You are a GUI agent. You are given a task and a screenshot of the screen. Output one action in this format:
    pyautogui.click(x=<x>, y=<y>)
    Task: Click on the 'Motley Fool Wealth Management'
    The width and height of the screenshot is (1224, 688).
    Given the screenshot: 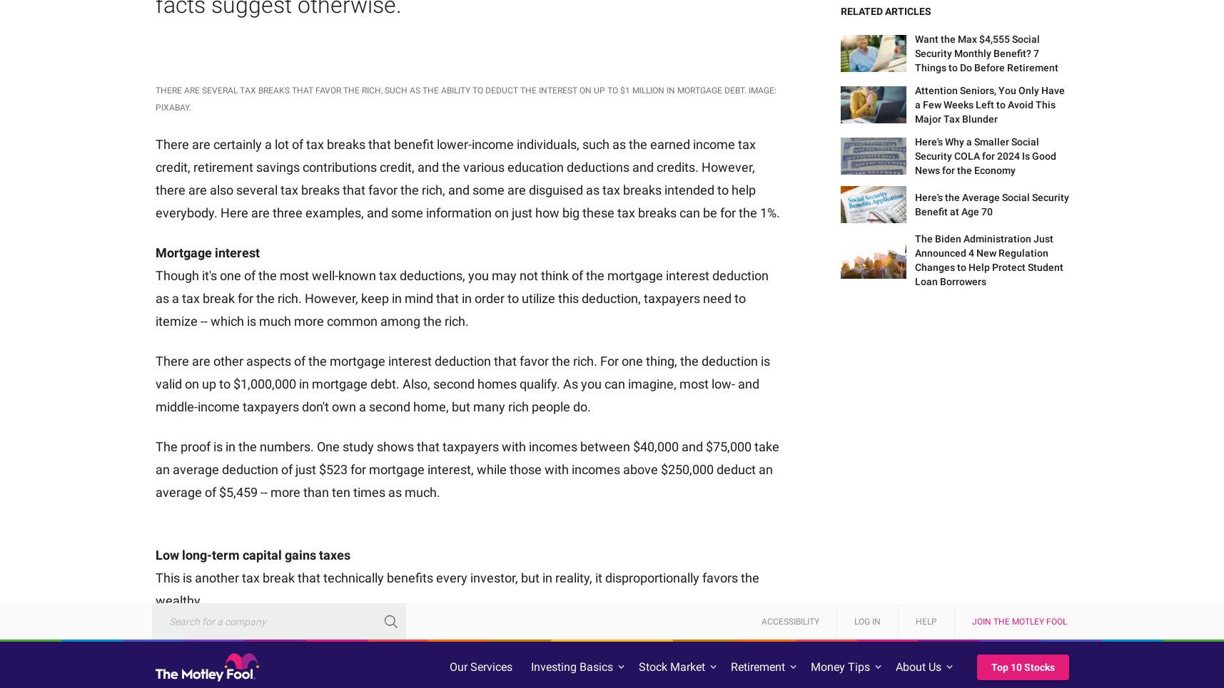 What is the action you would take?
    pyautogui.click(x=941, y=597)
    